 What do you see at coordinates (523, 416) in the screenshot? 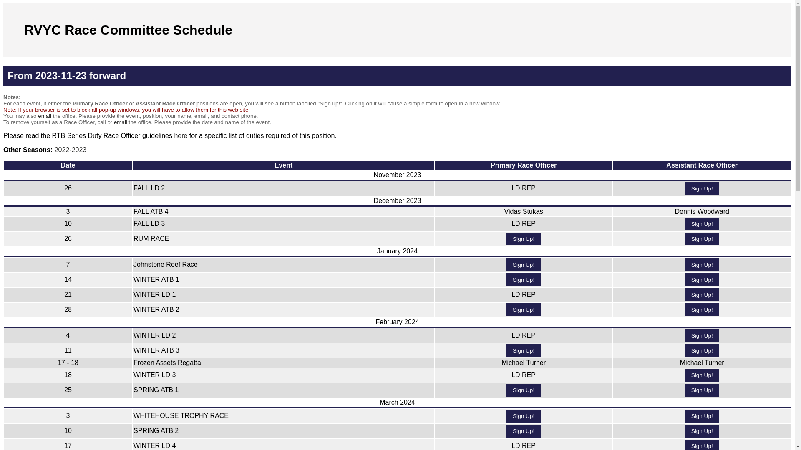
I see `'Sign Up!'` at bounding box center [523, 416].